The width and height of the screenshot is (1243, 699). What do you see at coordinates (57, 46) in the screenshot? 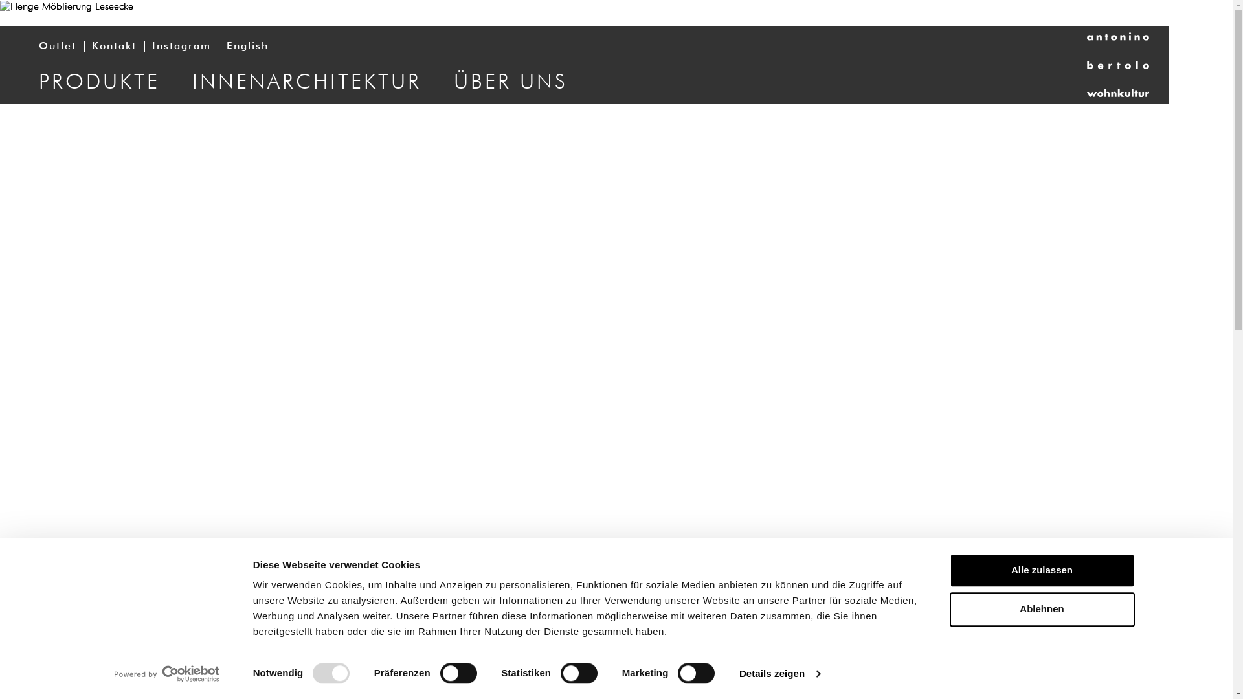
I see `'Outlet'` at bounding box center [57, 46].